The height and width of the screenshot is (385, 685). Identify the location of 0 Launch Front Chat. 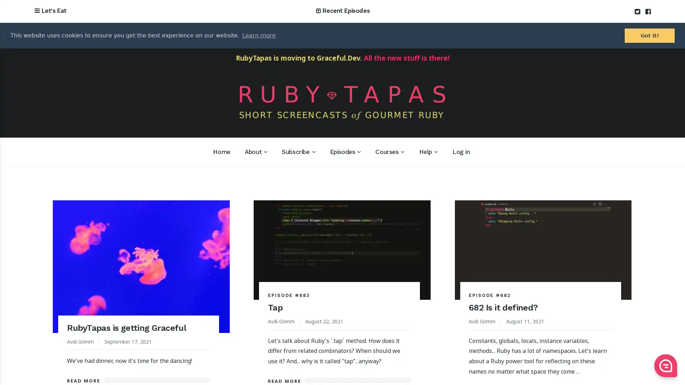
(665, 366).